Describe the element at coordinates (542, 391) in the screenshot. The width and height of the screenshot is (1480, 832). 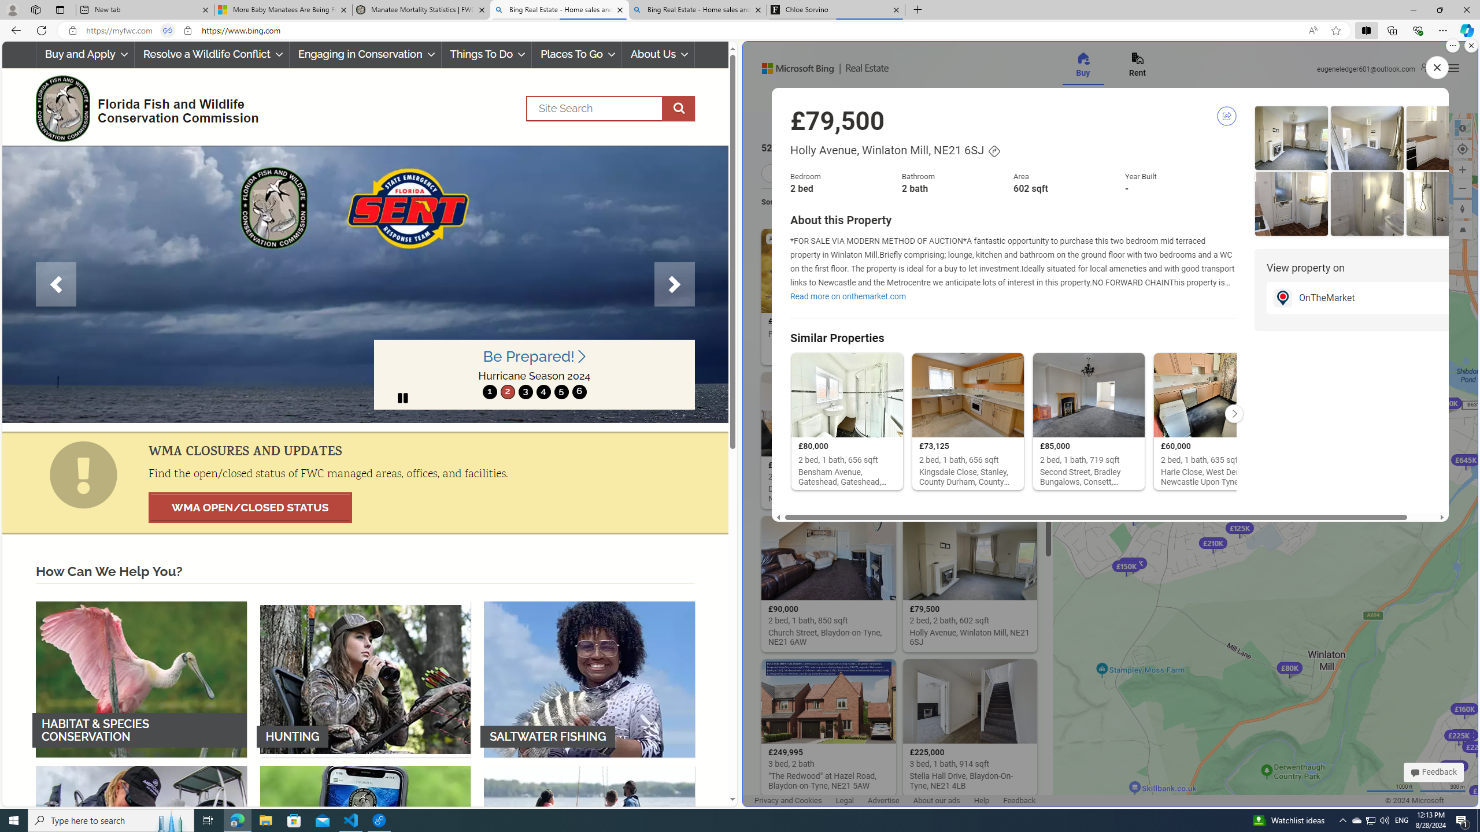
I see `'move to slide 4'` at that location.